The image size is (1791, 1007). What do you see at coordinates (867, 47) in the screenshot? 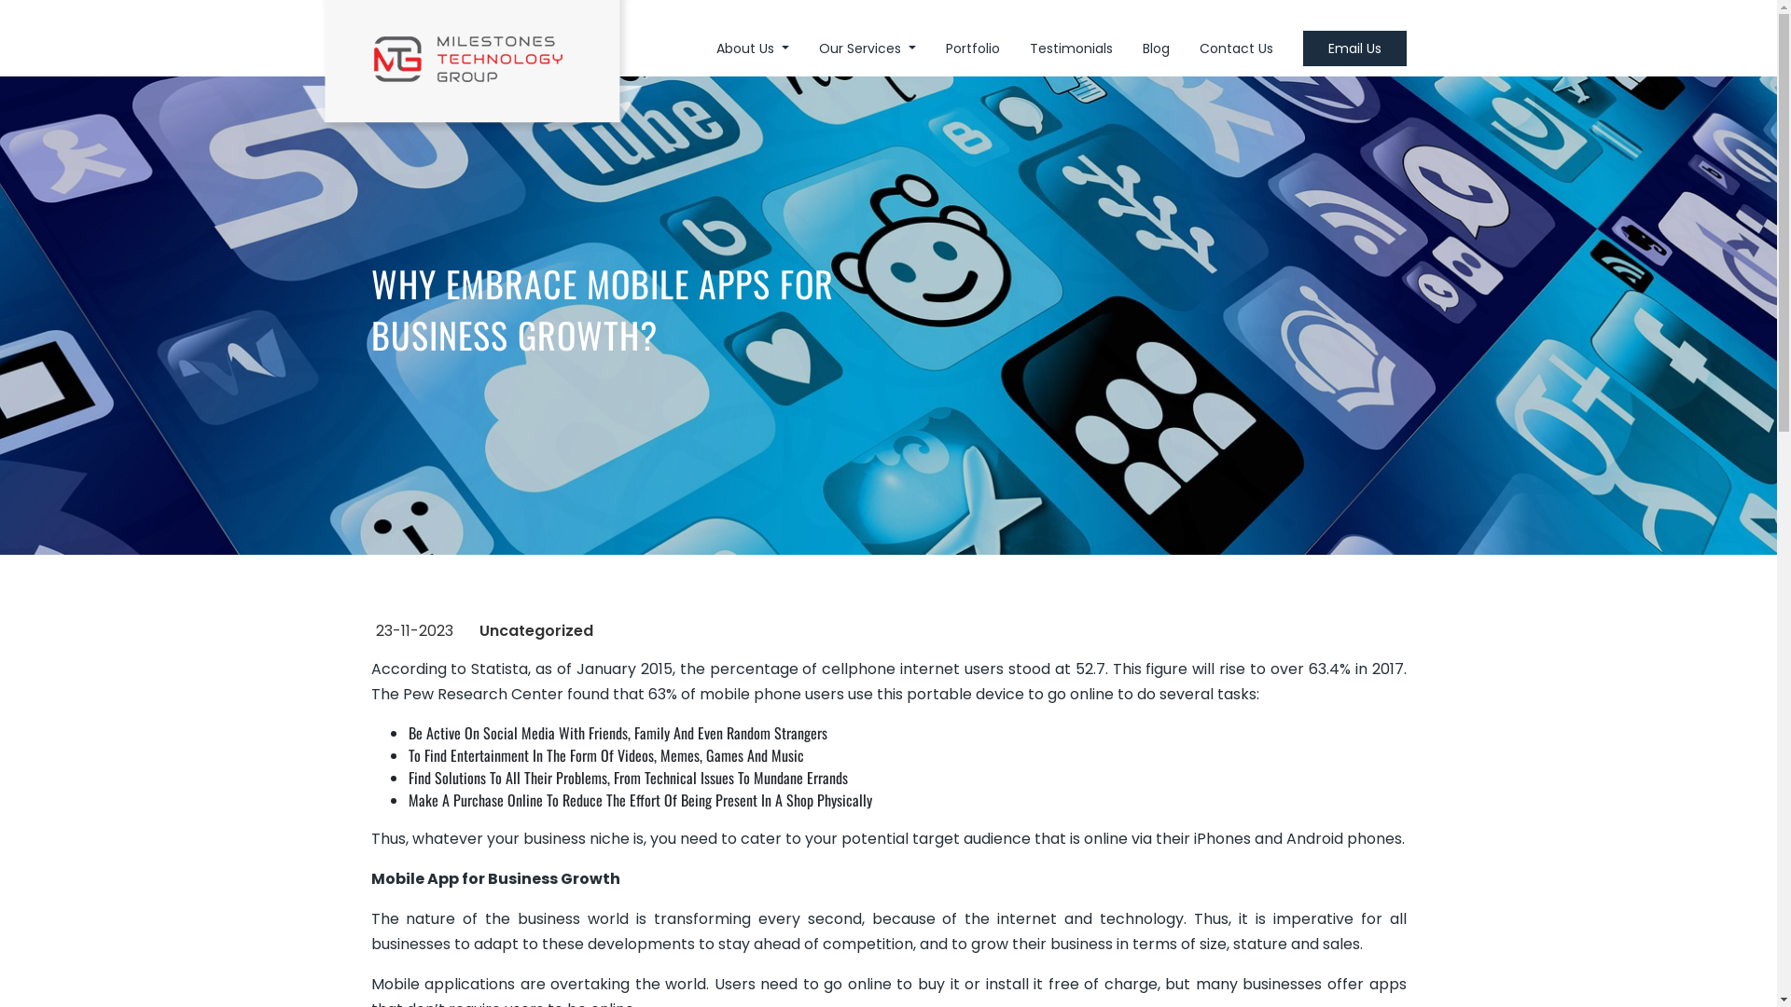
I see `'Our Services'` at bounding box center [867, 47].